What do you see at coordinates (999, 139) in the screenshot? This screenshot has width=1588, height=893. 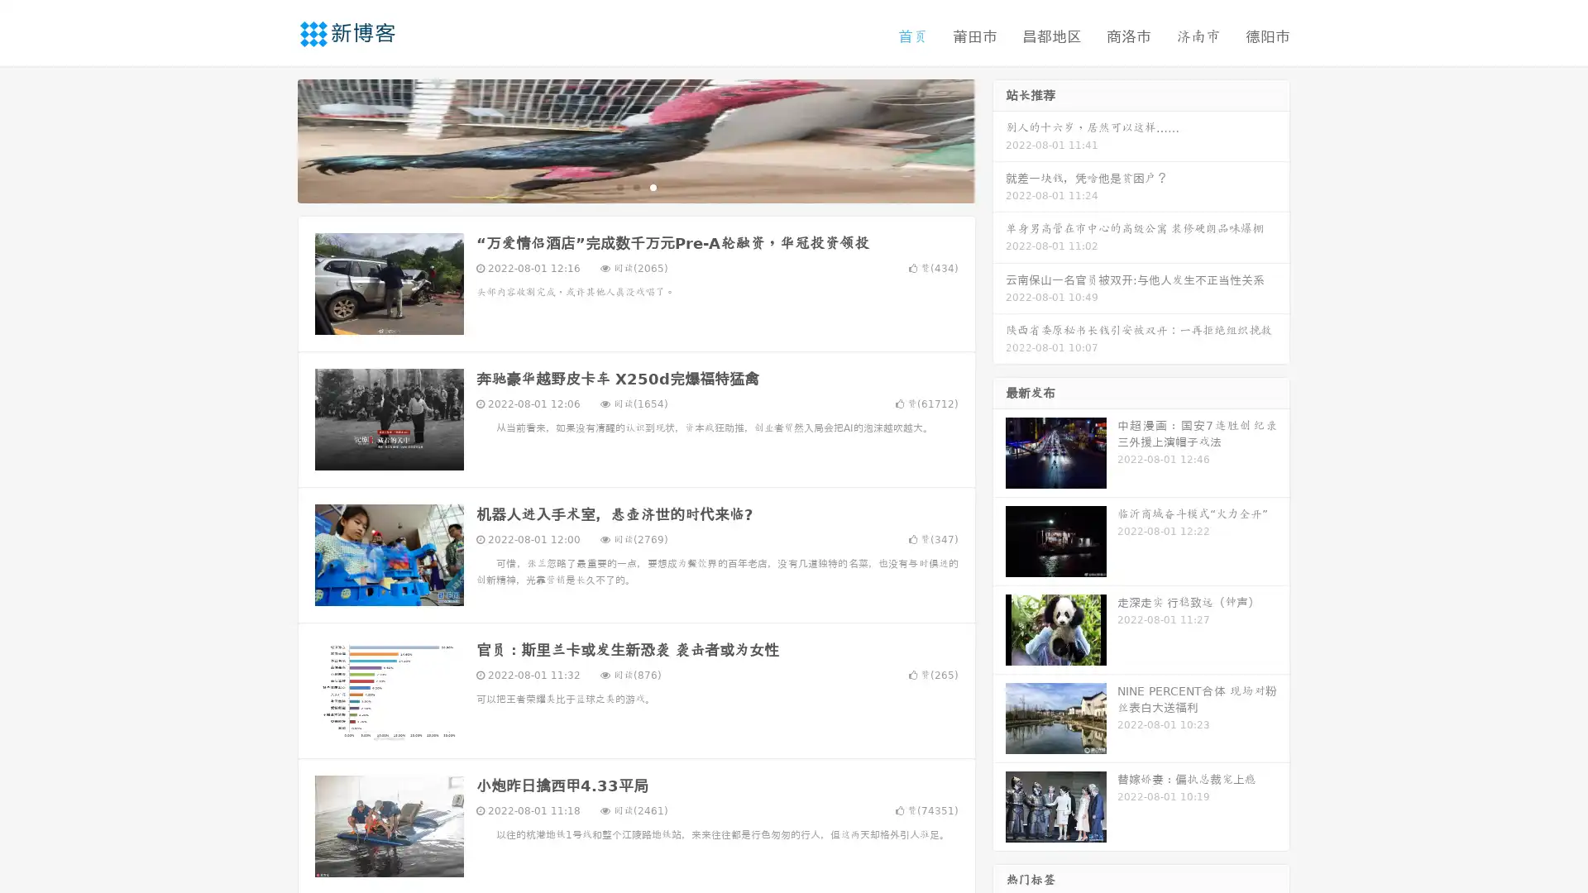 I see `Next slide` at bounding box center [999, 139].